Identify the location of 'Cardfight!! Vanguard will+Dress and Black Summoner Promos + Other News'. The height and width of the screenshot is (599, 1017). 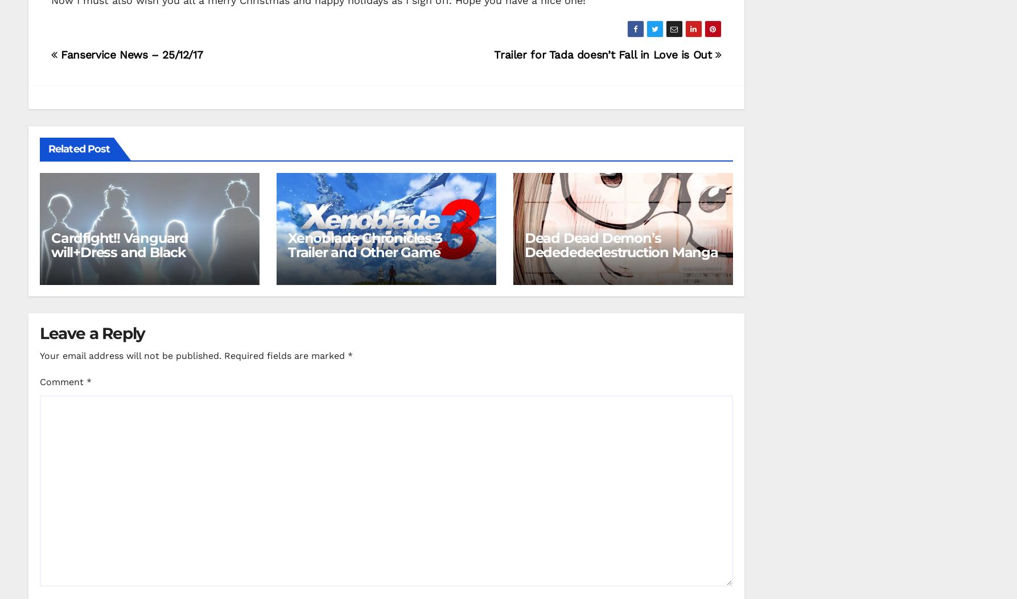
(51, 258).